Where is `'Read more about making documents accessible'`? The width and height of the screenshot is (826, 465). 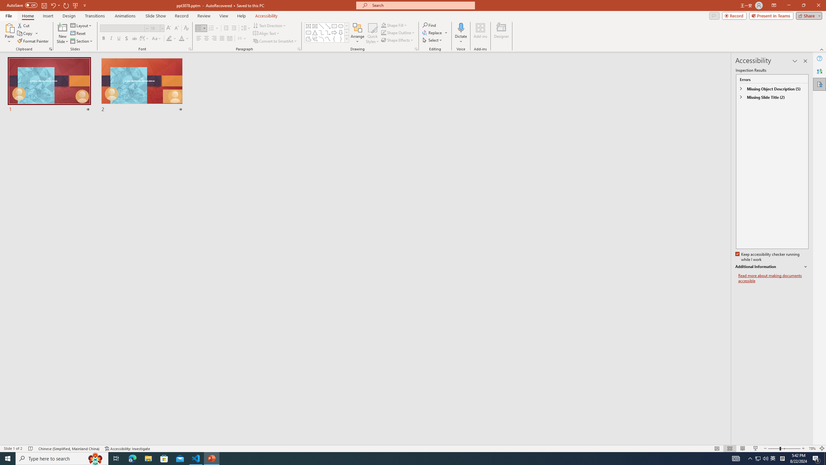
'Read more about making documents accessible' is located at coordinates (773, 278).